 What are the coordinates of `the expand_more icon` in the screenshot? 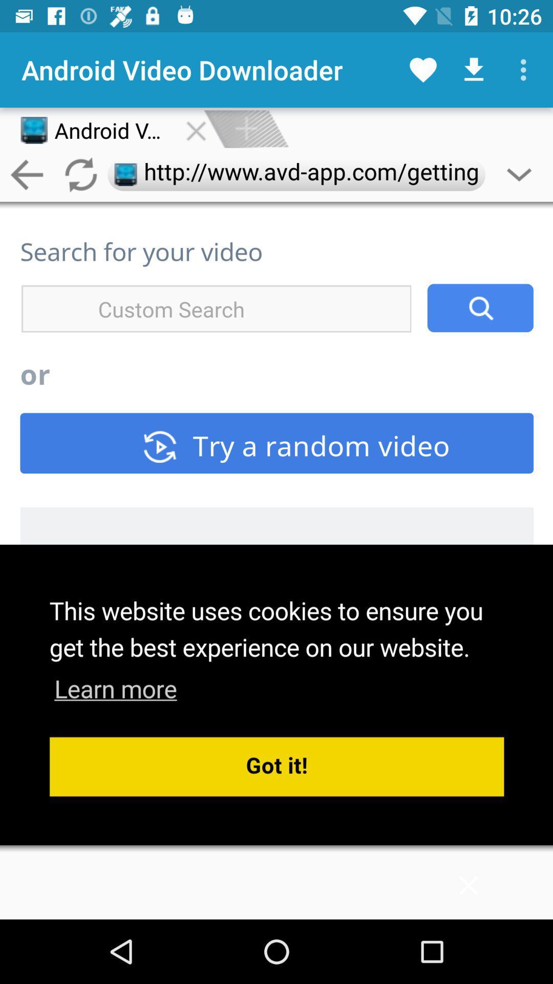 It's located at (519, 175).